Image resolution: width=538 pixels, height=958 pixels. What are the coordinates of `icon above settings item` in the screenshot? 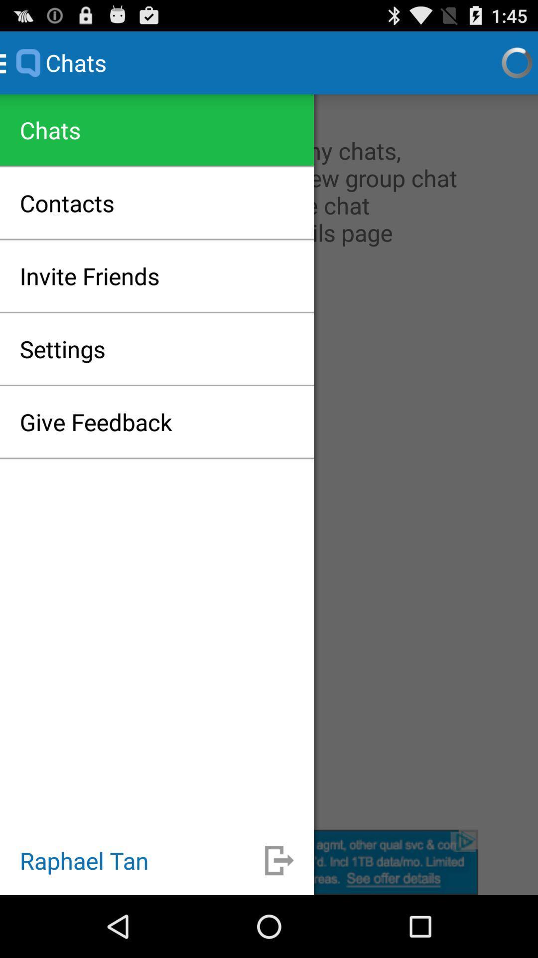 It's located at (90, 276).